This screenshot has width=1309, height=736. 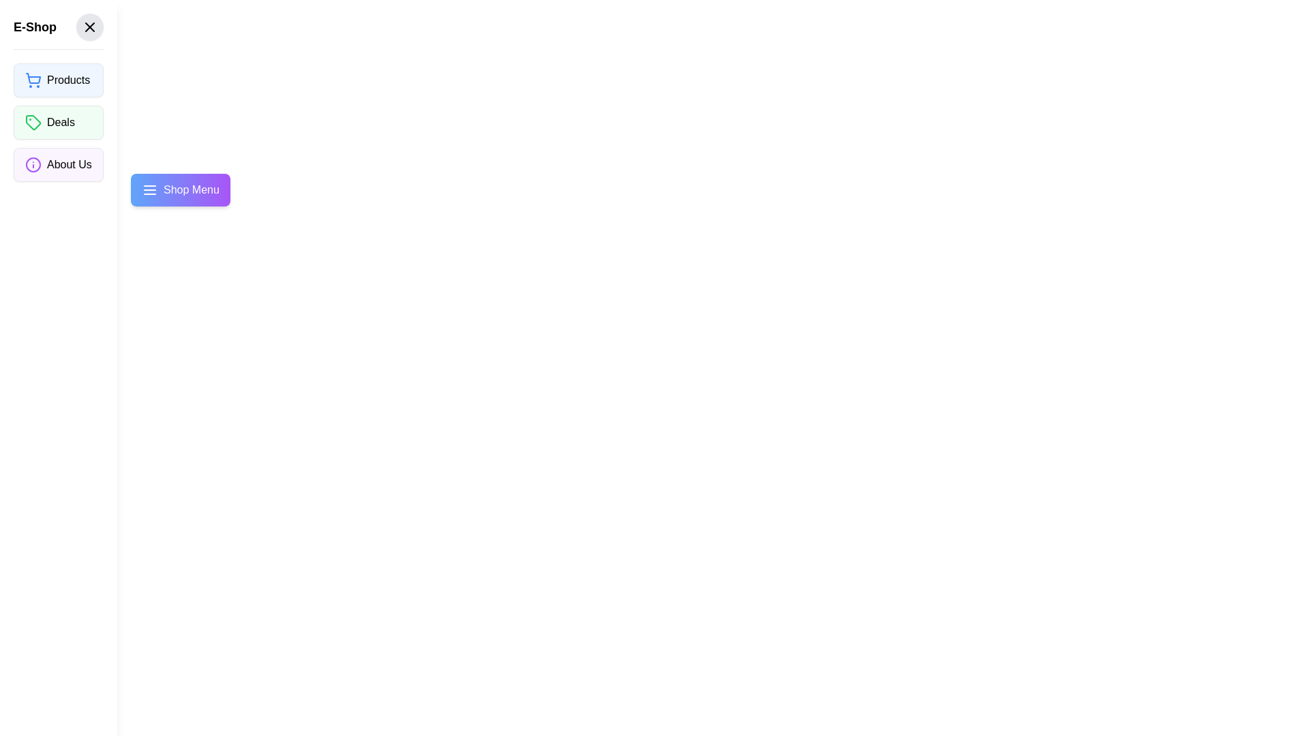 What do you see at coordinates (57, 123) in the screenshot?
I see `the 'Deals' button to select it` at bounding box center [57, 123].